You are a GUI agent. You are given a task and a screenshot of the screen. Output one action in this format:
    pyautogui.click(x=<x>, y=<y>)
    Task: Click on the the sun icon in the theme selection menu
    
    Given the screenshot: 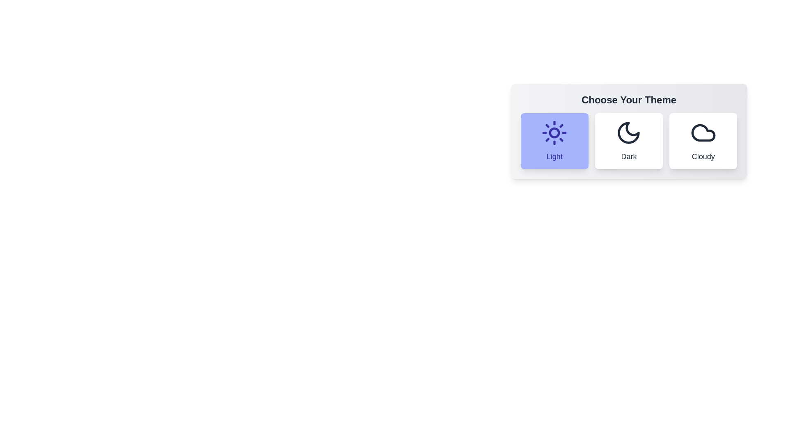 What is the action you would take?
    pyautogui.click(x=554, y=132)
    